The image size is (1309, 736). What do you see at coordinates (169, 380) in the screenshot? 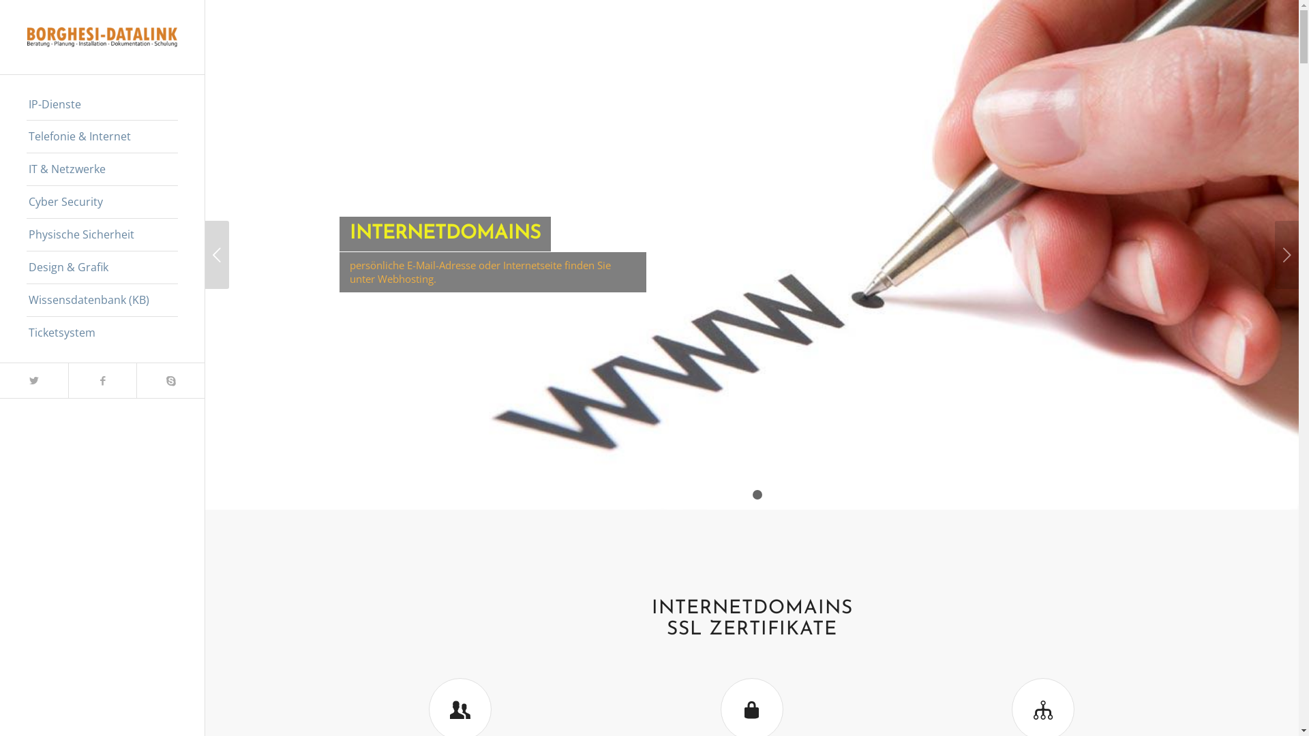
I see `'Skype'` at bounding box center [169, 380].